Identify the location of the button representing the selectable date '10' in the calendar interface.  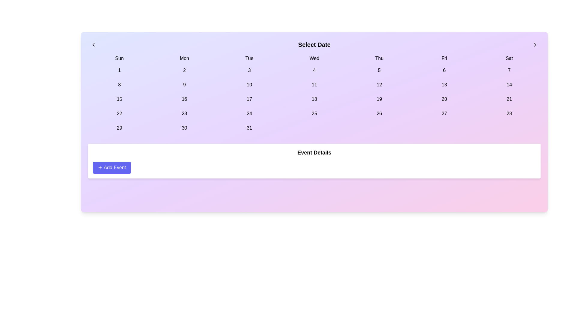
(249, 85).